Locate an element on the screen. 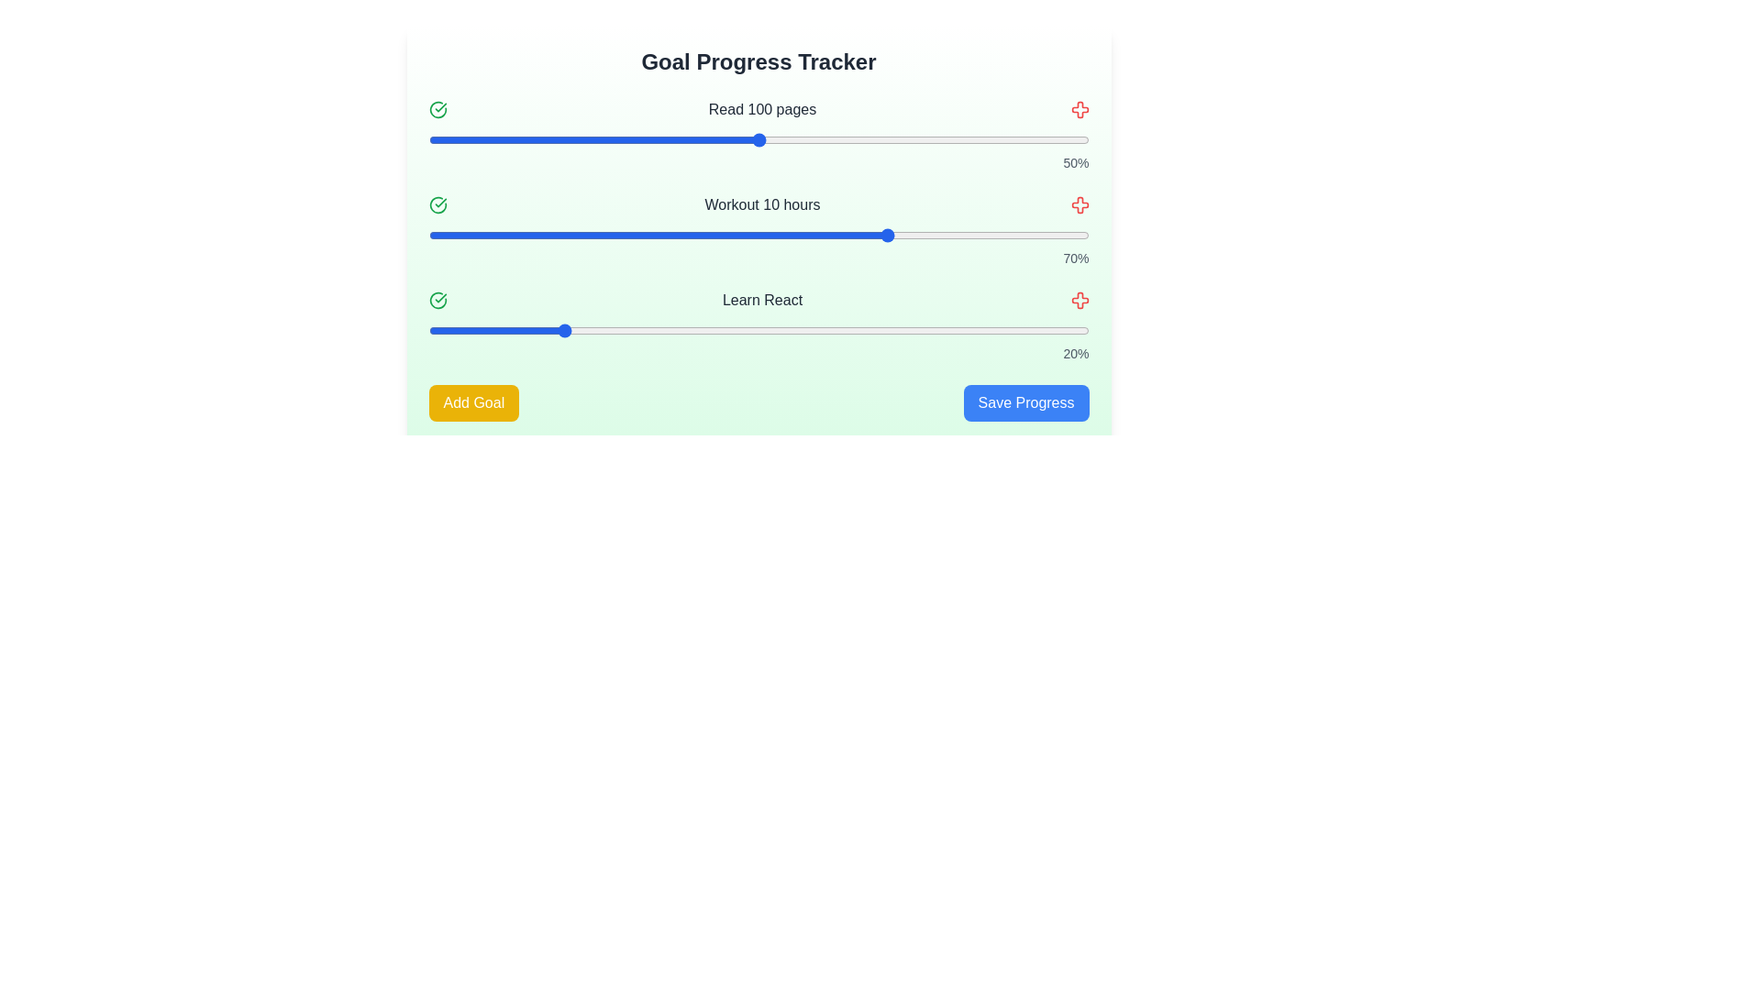 This screenshot has height=990, width=1761. the progress slider for the goal 'Read 100 pages' to 33% is located at coordinates (647, 139).